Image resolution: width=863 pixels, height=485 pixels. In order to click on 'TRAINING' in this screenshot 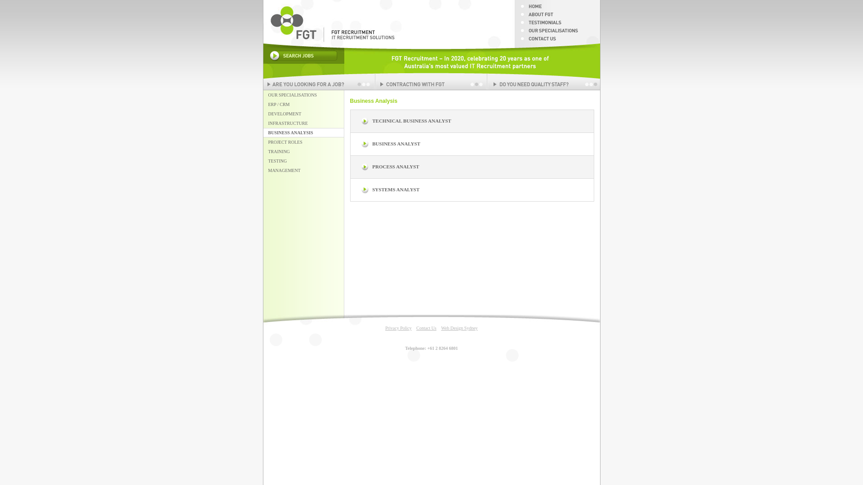, I will do `click(304, 151)`.